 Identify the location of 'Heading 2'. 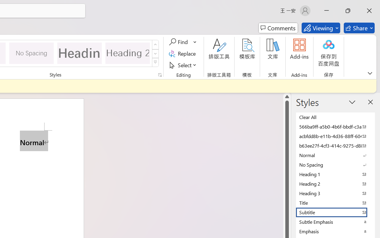
(127, 53).